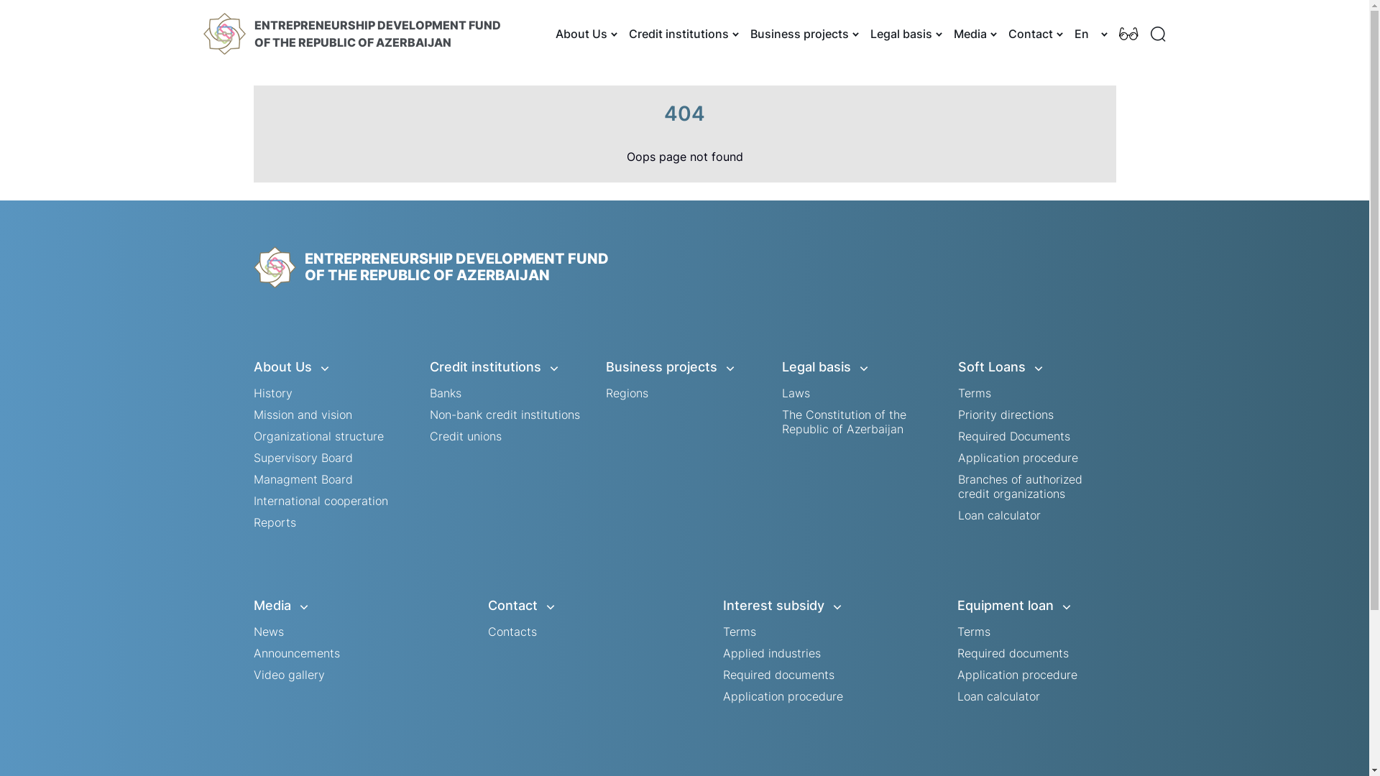  I want to click on 'Required Documents', so click(1013, 435).